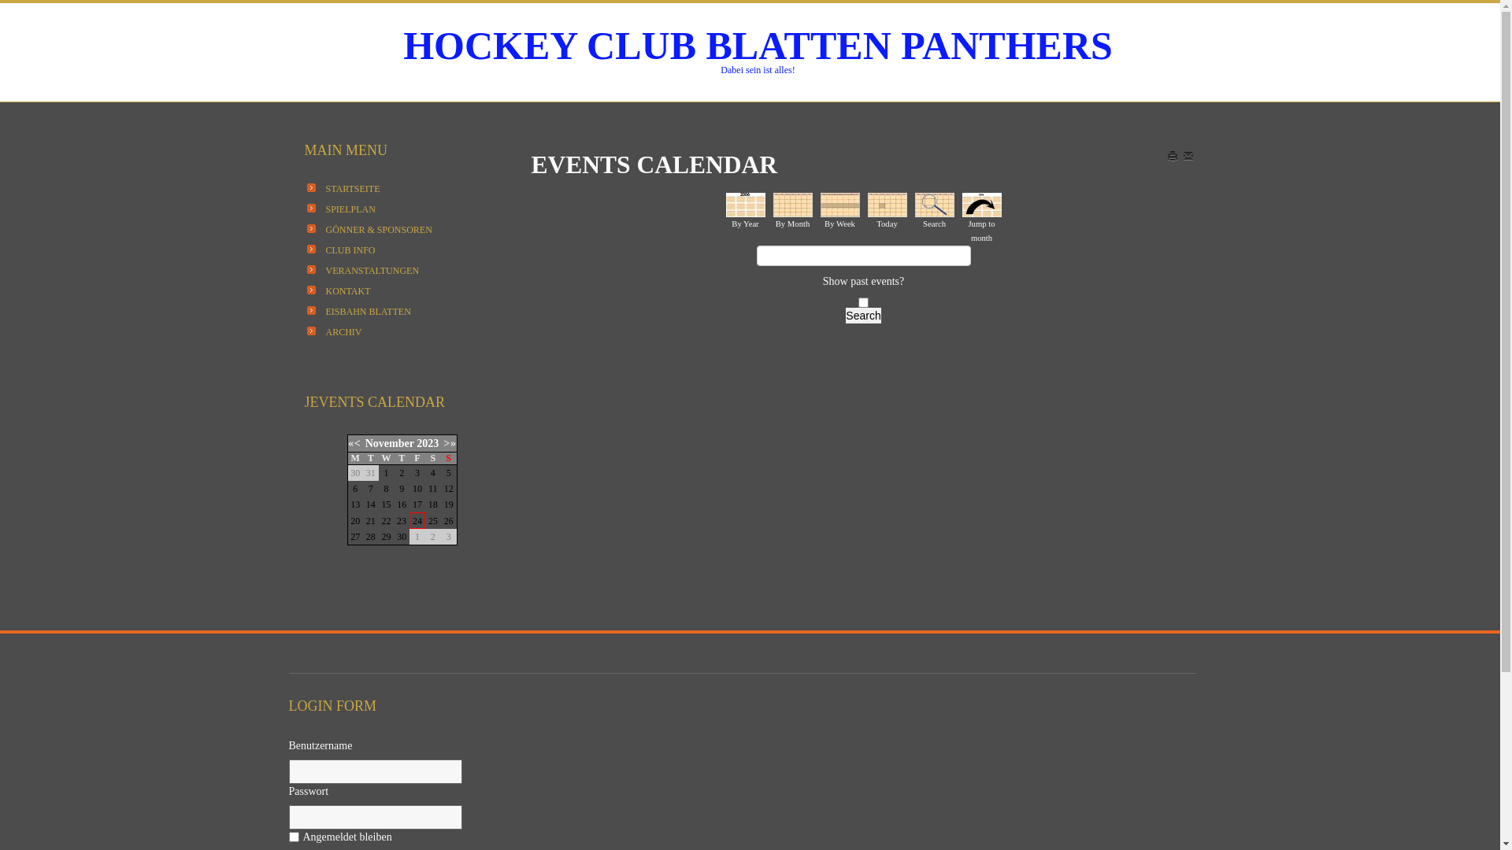  I want to click on 'SPIELPLAN', so click(350, 209).